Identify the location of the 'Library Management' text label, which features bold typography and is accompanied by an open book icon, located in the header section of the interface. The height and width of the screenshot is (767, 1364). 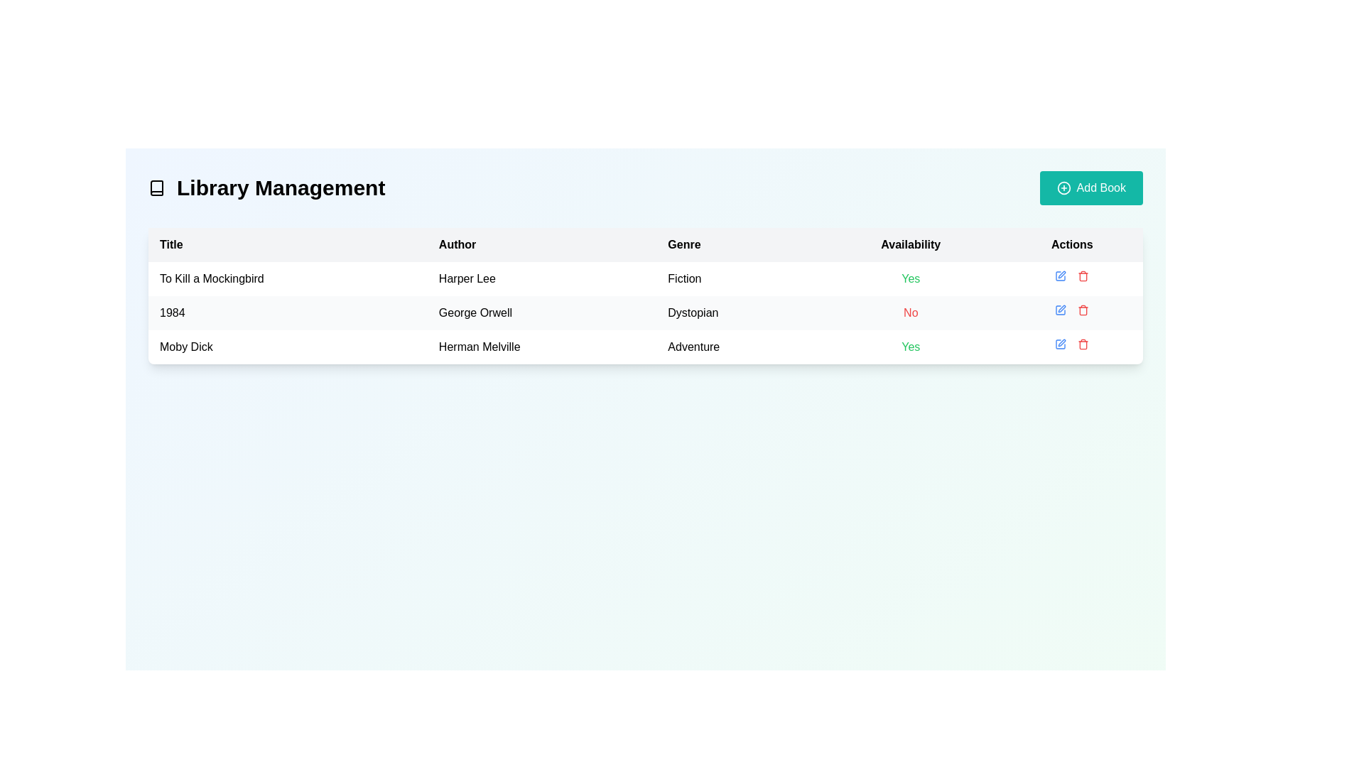
(266, 187).